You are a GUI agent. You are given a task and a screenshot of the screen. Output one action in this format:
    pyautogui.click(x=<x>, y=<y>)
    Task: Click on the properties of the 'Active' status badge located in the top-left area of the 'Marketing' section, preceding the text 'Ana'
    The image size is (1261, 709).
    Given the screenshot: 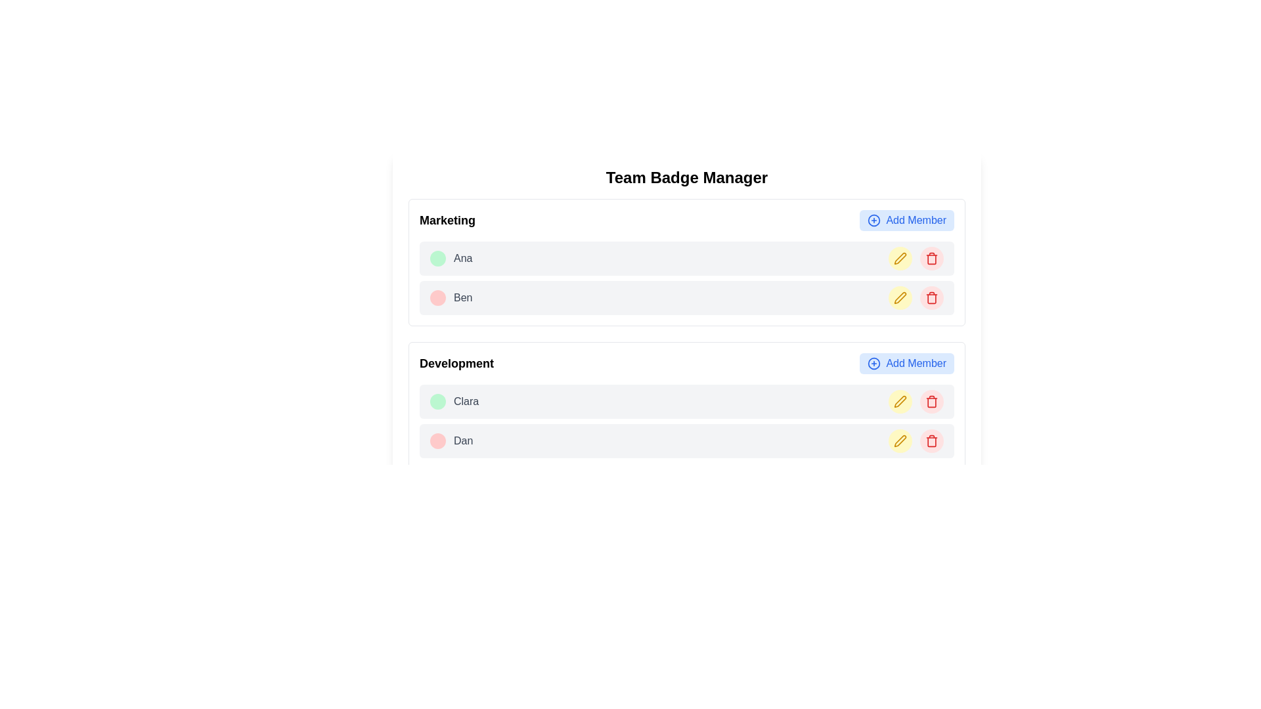 What is the action you would take?
    pyautogui.click(x=438, y=258)
    